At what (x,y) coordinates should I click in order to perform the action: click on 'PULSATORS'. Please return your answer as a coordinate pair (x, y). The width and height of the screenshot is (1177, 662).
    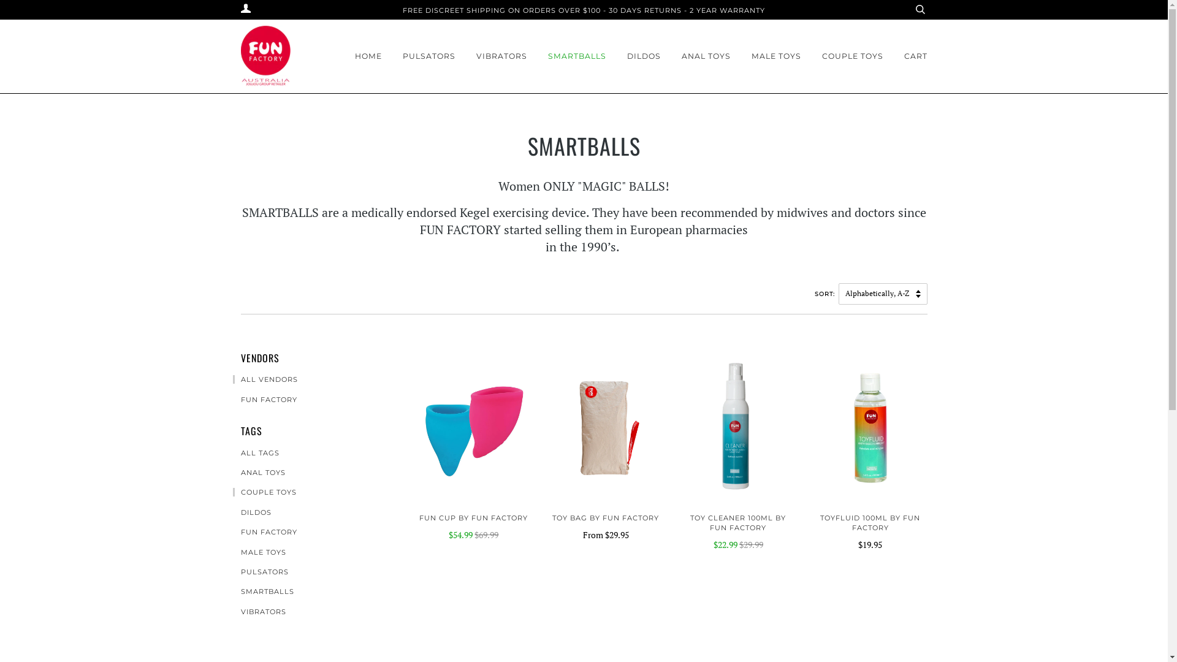
    Looking at the image, I should click on (429, 56).